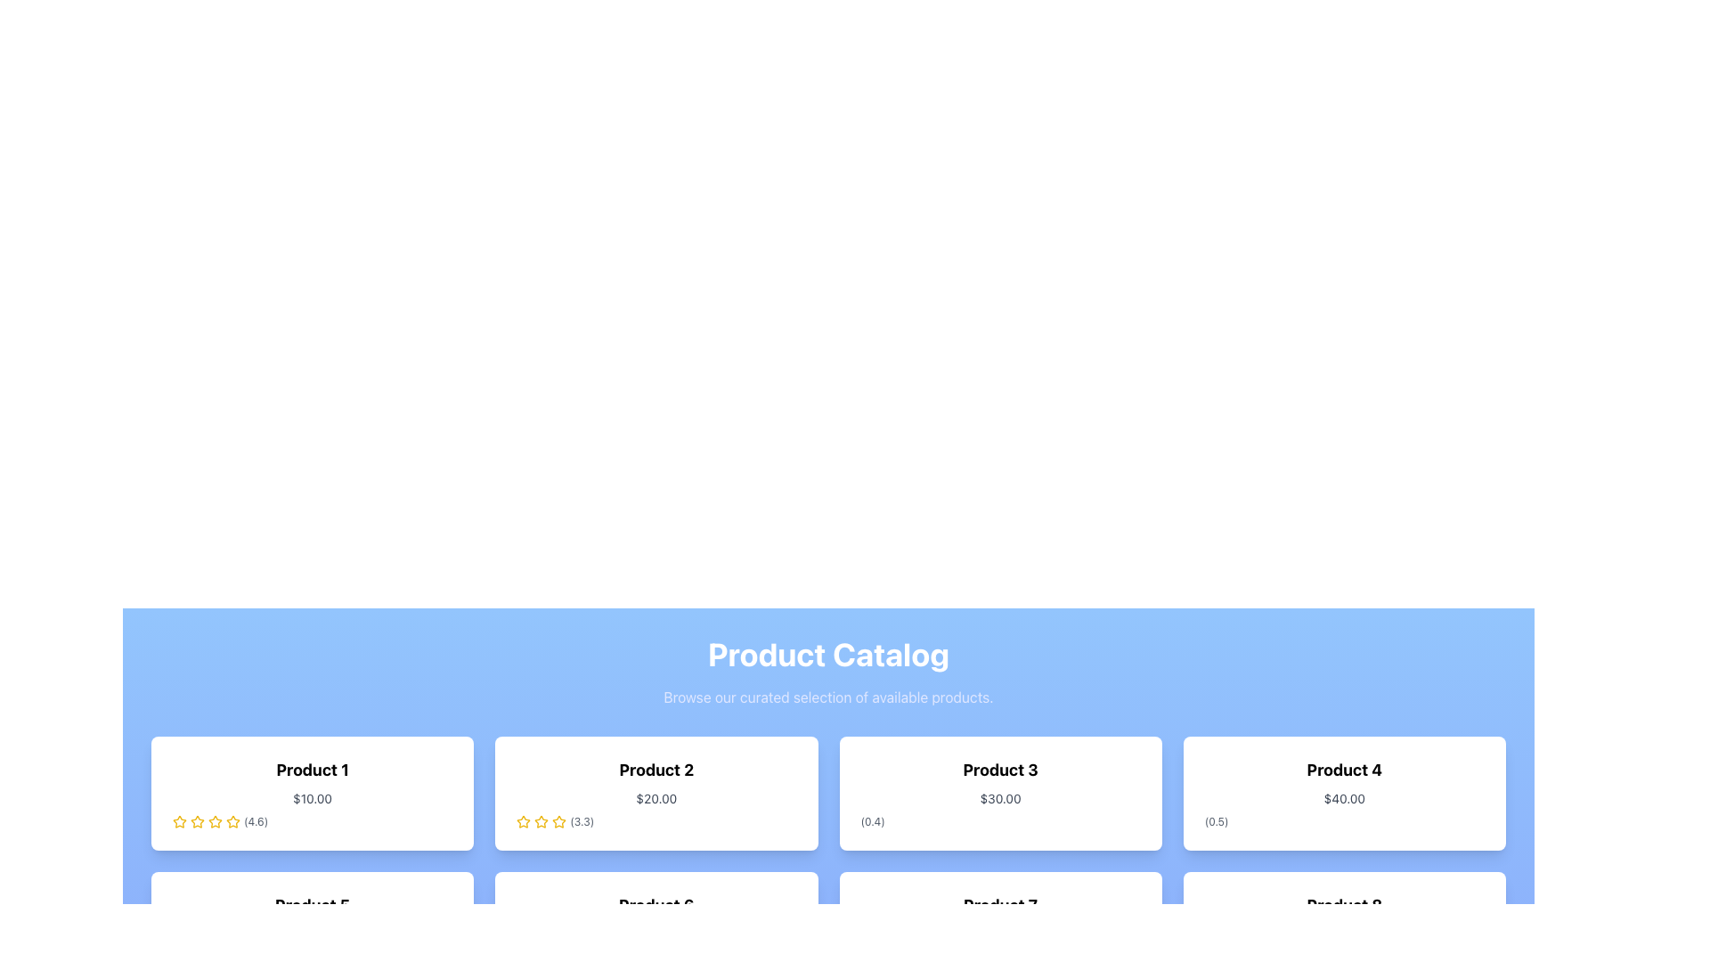  What do you see at coordinates (1344, 793) in the screenshot?
I see `the Information Card displaying product details, located in the first row and fourth column of the grid structure, positioned to the right of 'Product 3' and above 'Product 8'` at bounding box center [1344, 793].